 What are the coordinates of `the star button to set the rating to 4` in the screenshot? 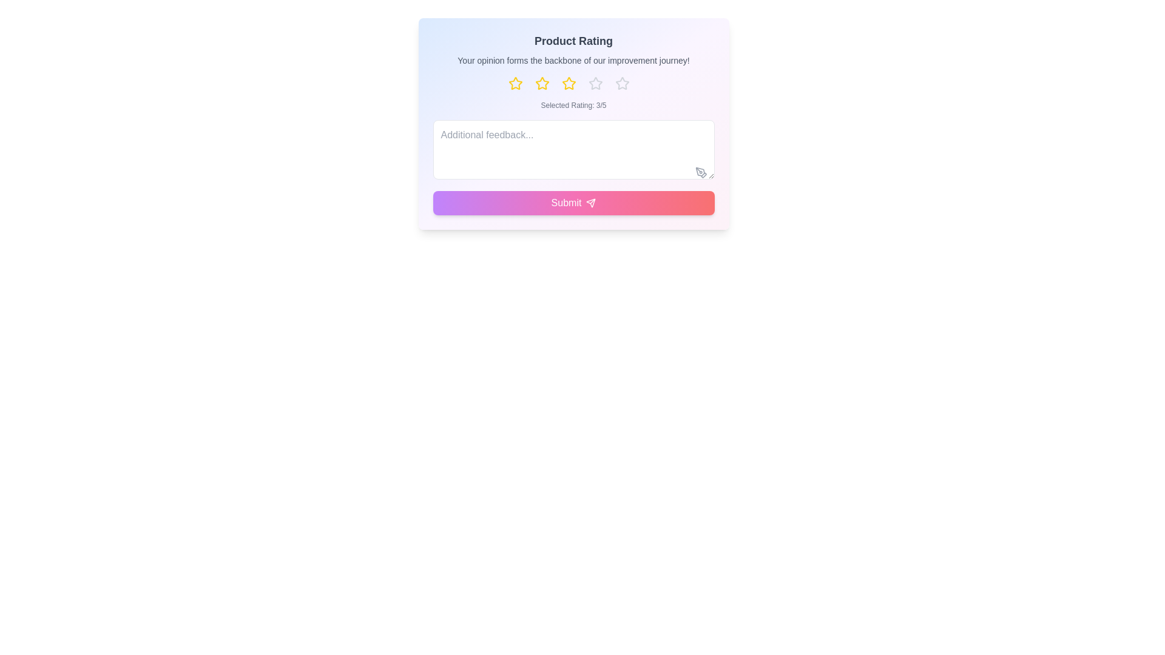 It's located at (600, 83).